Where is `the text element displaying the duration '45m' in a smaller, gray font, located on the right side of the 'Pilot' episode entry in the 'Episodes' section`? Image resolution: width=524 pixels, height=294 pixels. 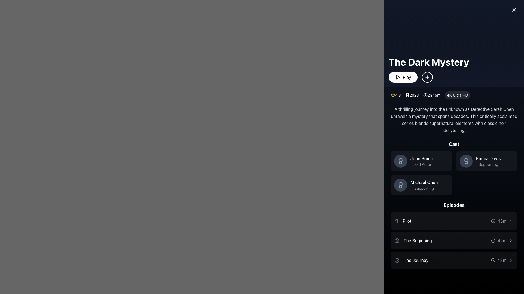 the text element displaying the duration '45m' in a smaller, gray font, located on the right side of the 'Pilot' episode entry in the 'Episodes' section is located at coordinates (502, 221).